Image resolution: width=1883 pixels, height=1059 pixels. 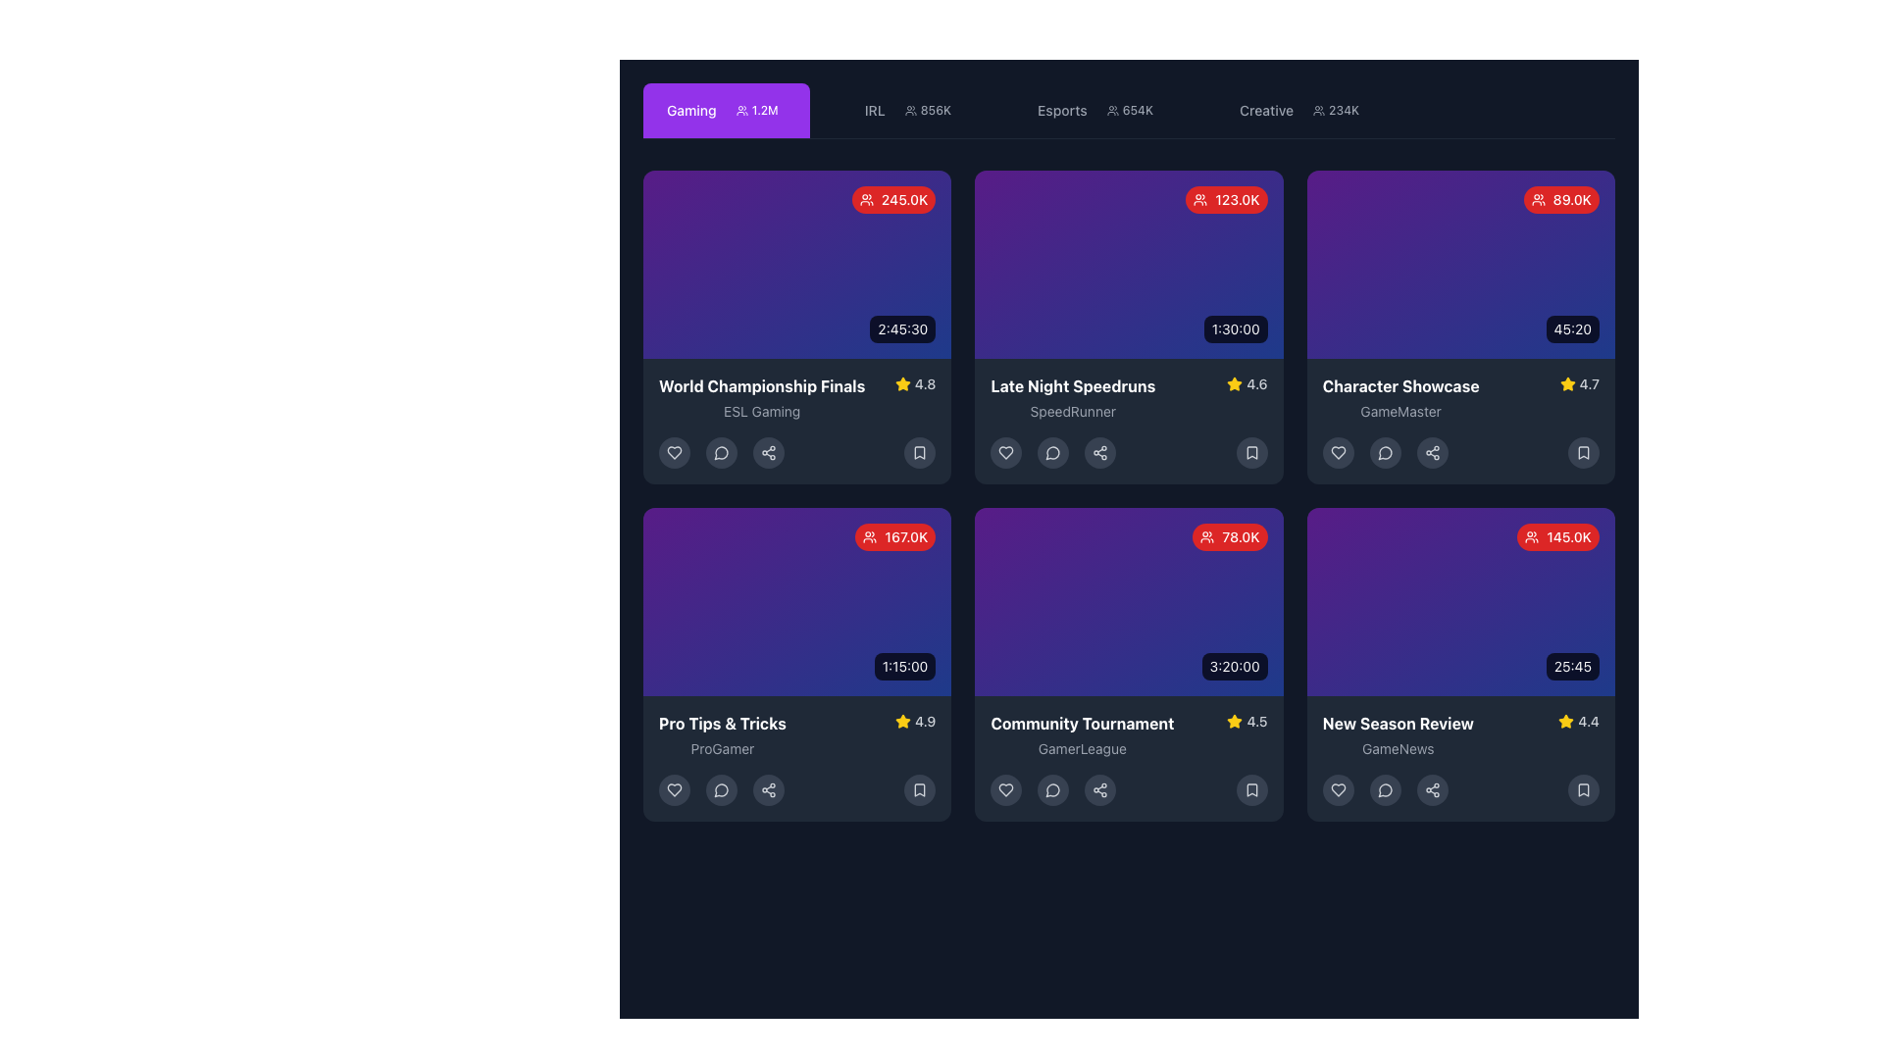 What do you see at coordinates (797, 734) in the screenshot?
I see `the rating icon of the 'Pro Tips & Tricks' label, which includes a yellow star icon with a rating value of '4.9', located in the bottom left quadrant adjacent to the 'Community Tournament' card` at bounding box center [797, 734].